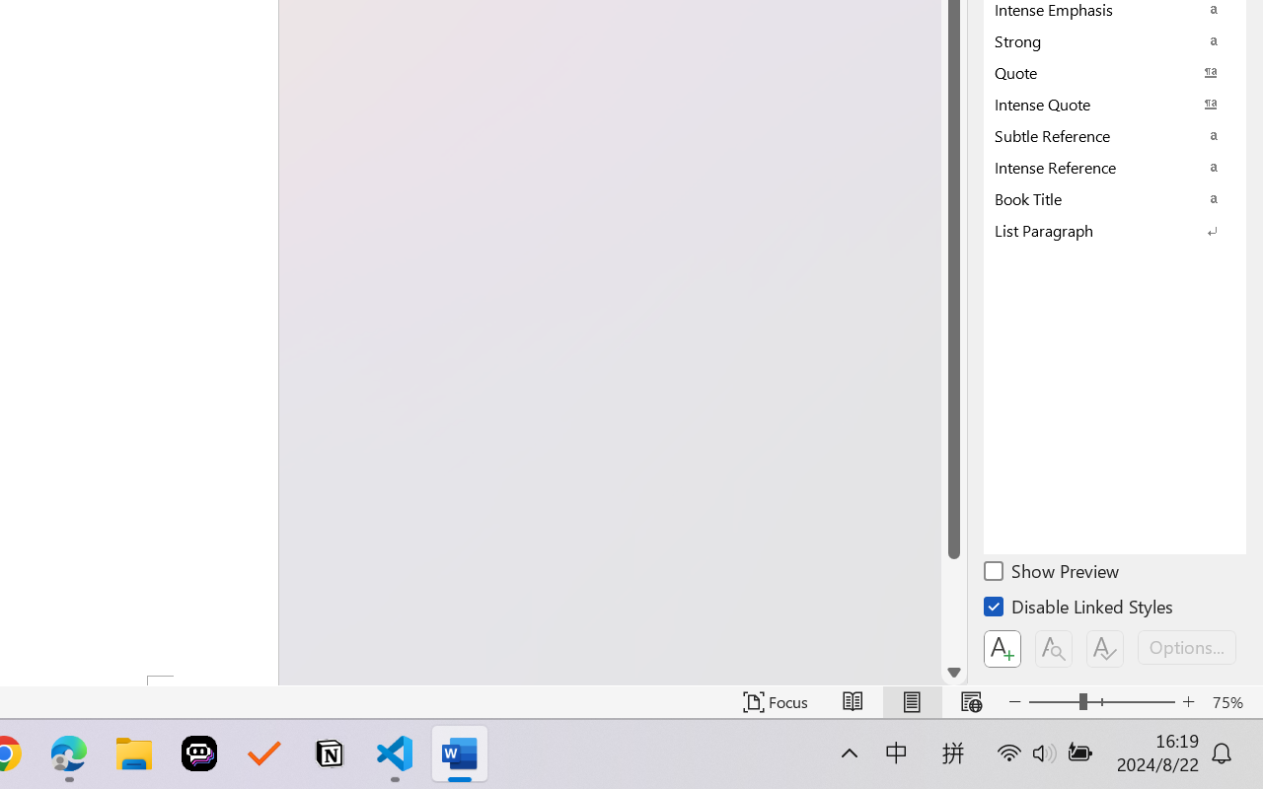 The image size is (1263, 789). I want to click on 'Intense Reference', so click(1115, 166).